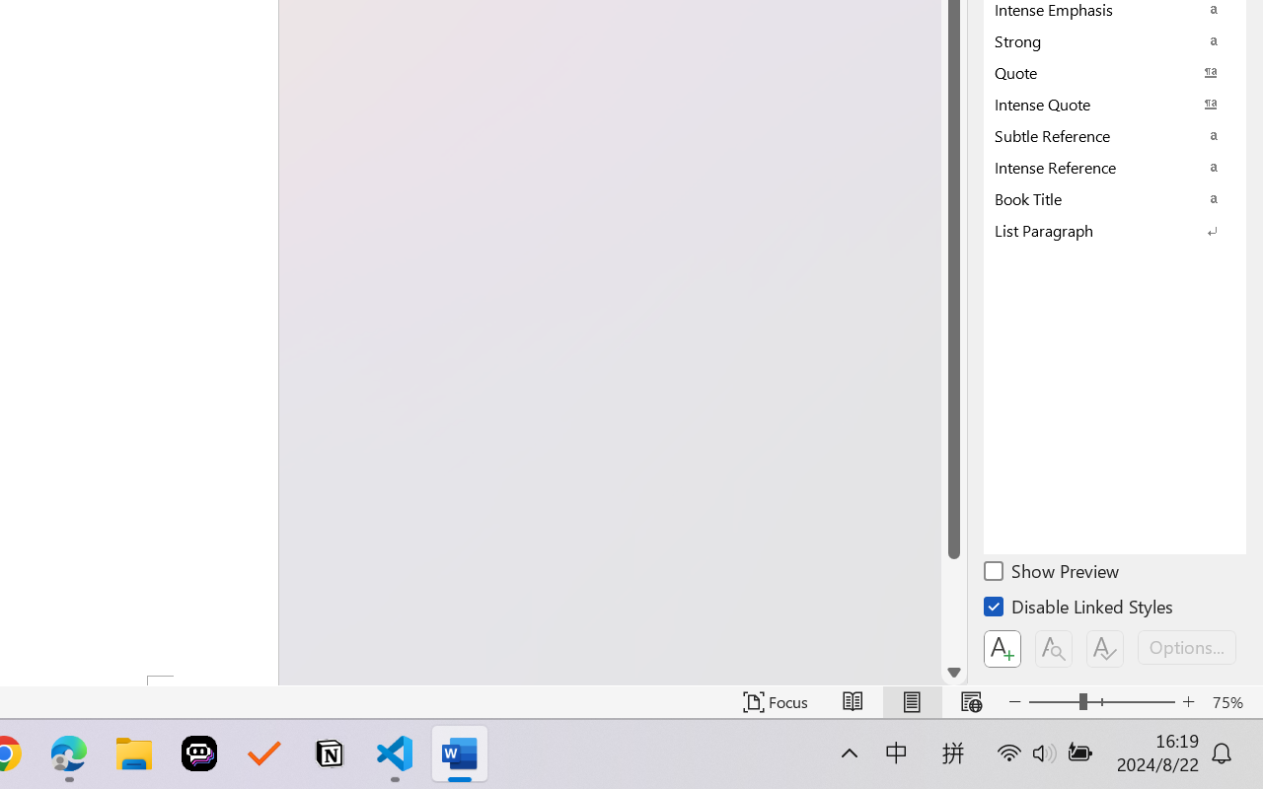 The image size is (1263, 789). I want to click on 'Intense Reference', so click(1115, 166).